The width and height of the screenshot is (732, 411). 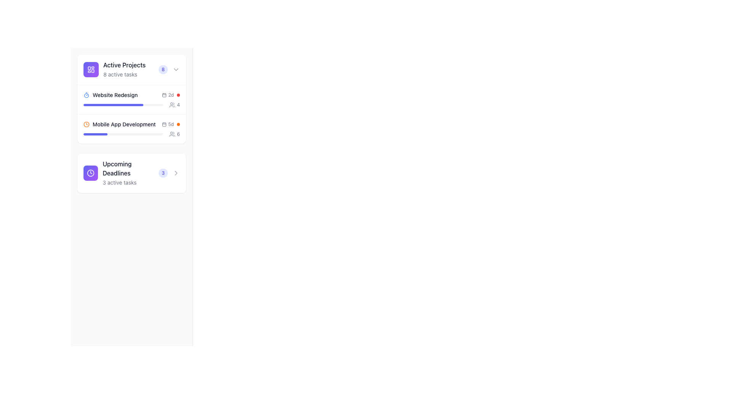 I want to click on the 'Active Projects' icon located at the top-left corner of the 'Active Projects' card, so click(x=91, y=69).